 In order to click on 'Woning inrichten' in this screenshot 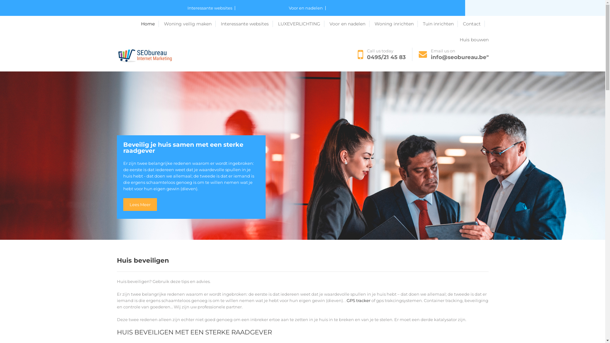, I will do `click(396, 23)`.